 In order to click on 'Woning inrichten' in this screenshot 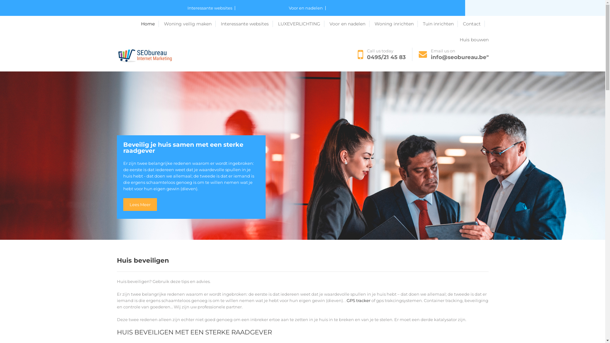, I will do `click(396, 23)`.